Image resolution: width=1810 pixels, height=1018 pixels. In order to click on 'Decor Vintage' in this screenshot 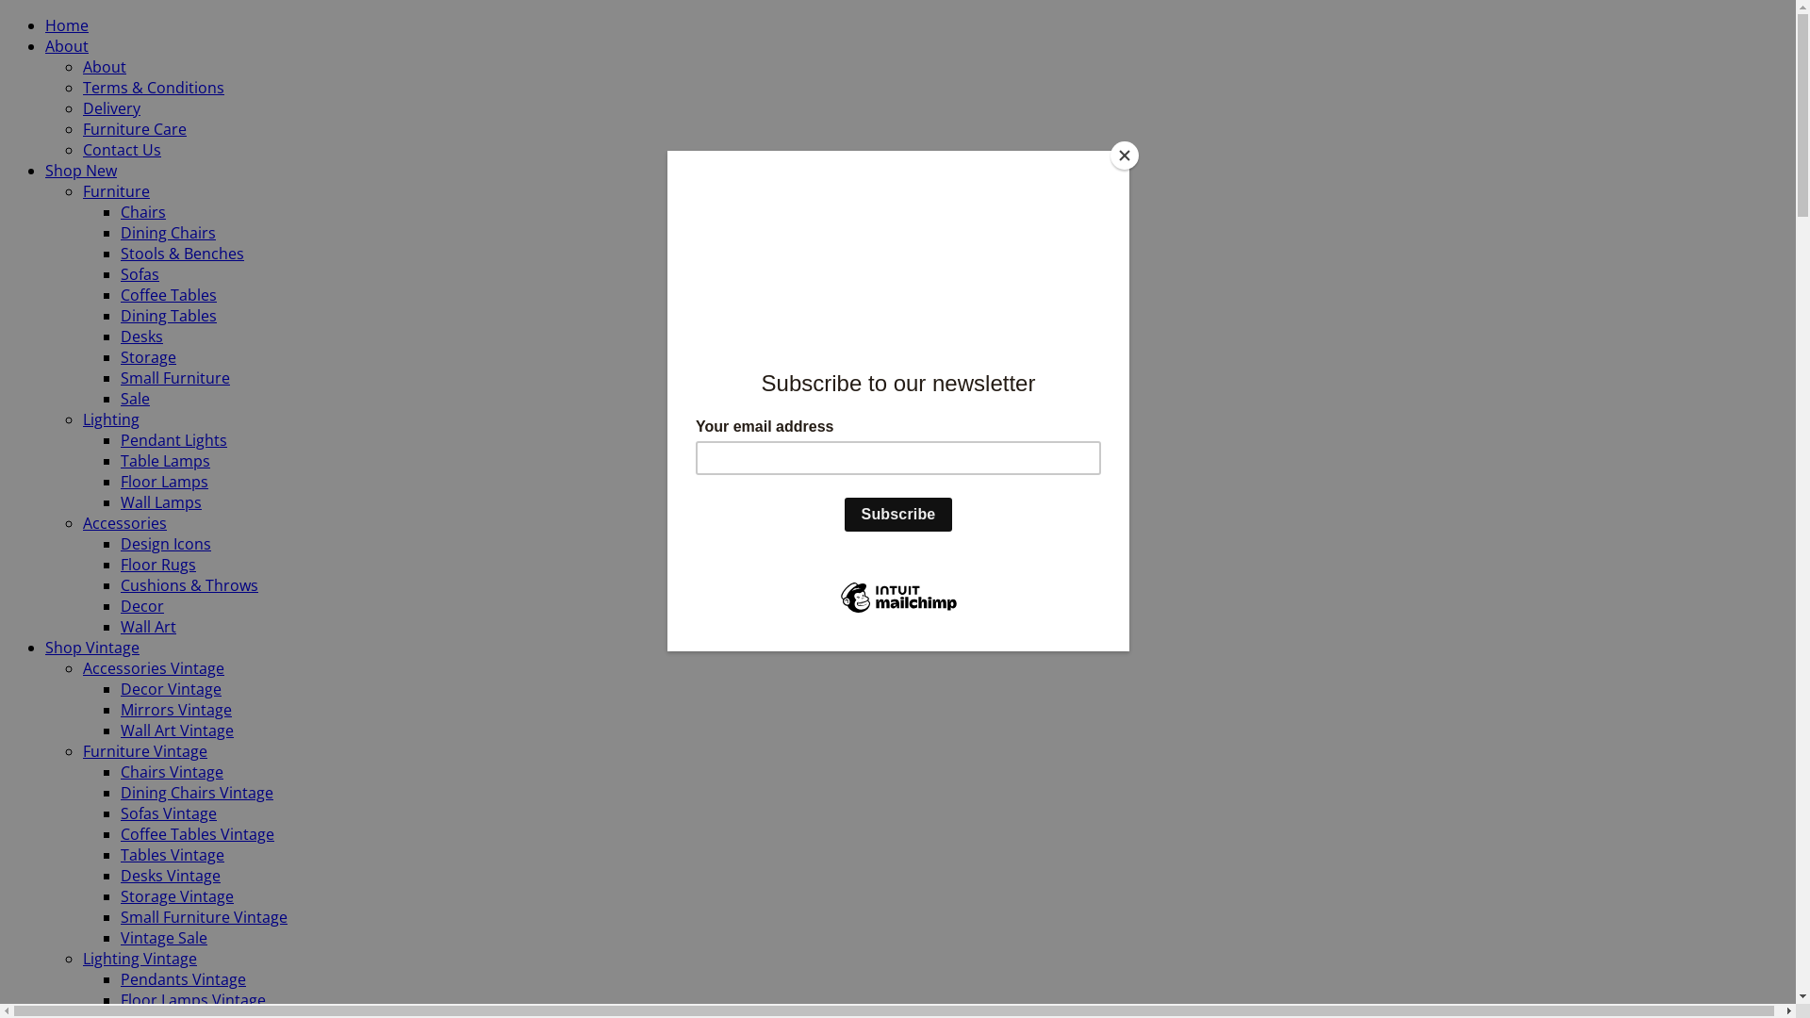, I will do `click(171, 689)`.